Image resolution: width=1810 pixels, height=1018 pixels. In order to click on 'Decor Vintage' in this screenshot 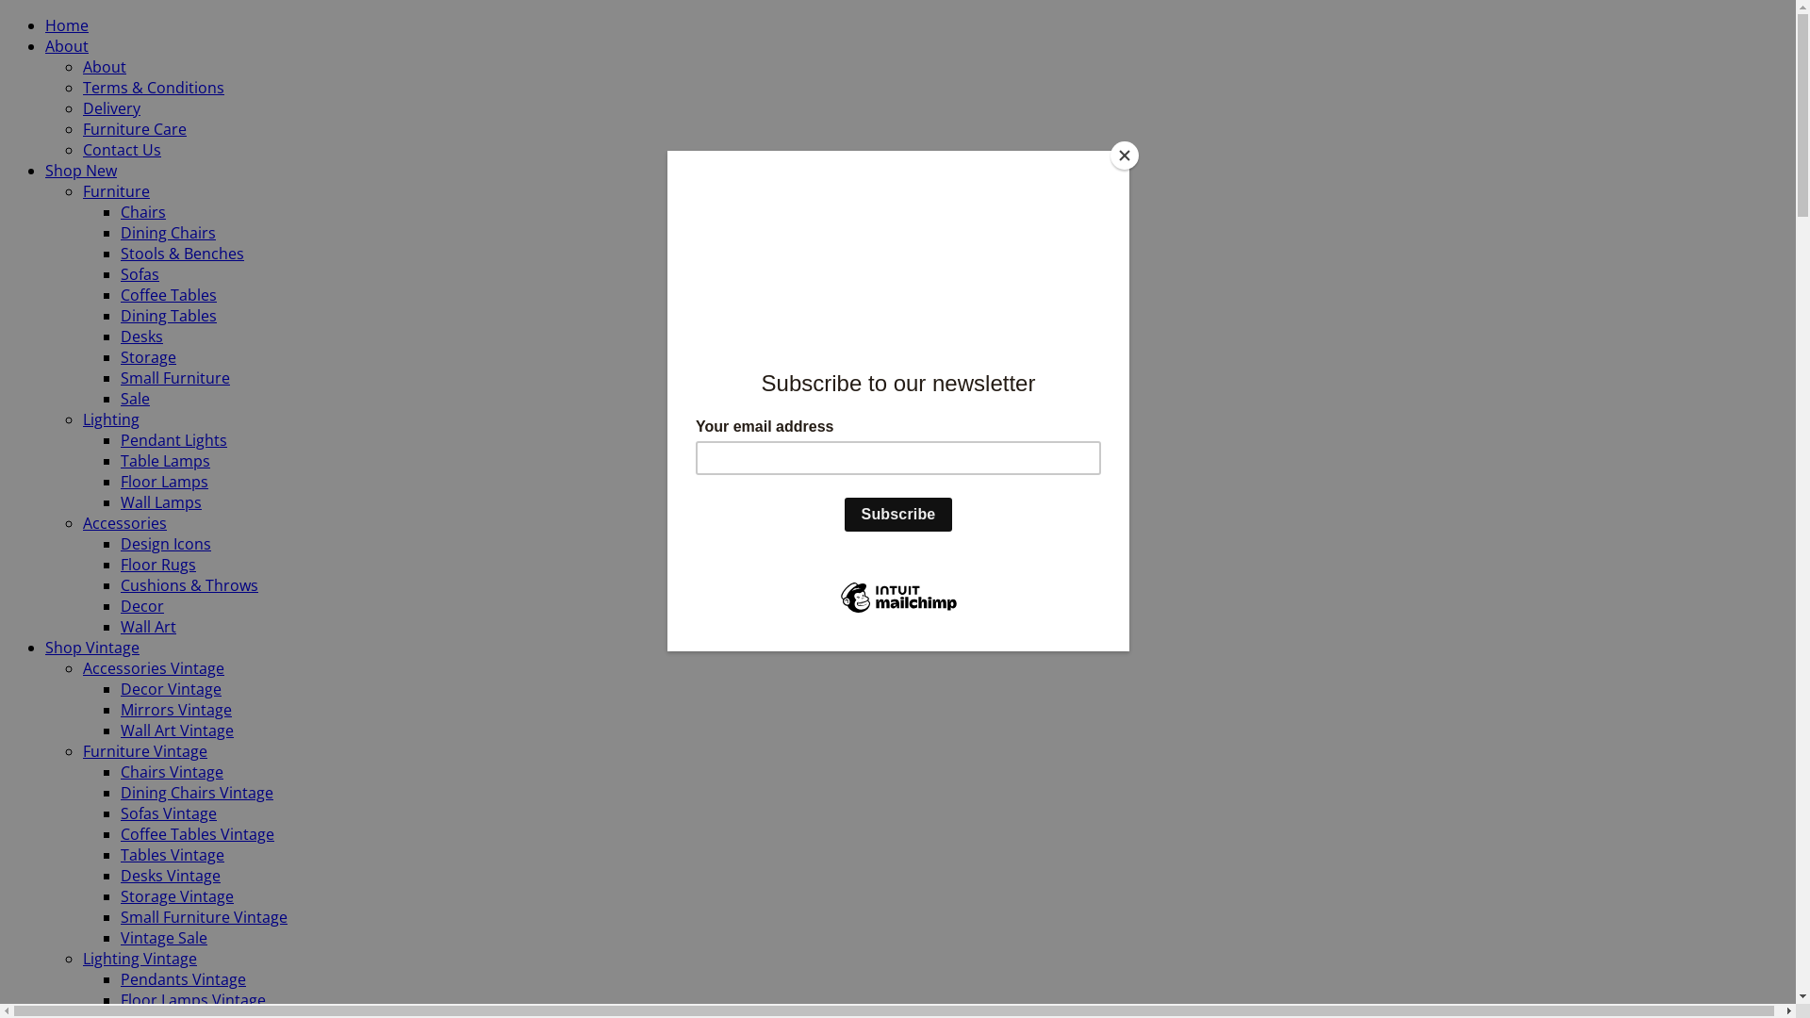, I will do `click(171, 689)`.